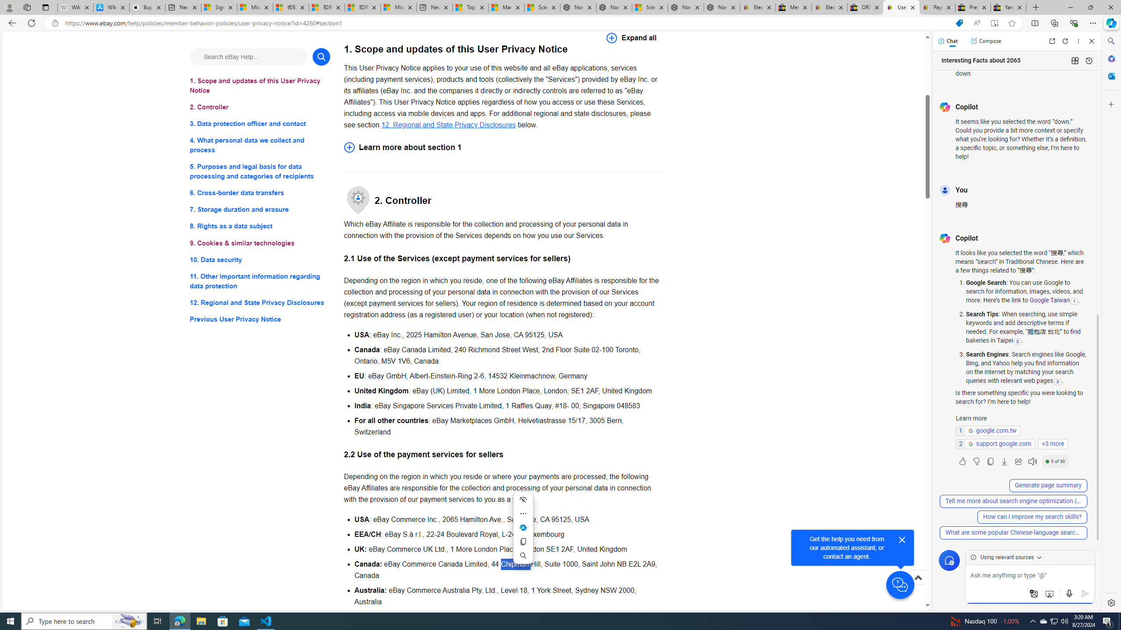 The height and width of the screenshot is (630, 1121). What do you see at coordinates (917, 586) in the screenshot?
I see `'Scroll to top'` at bounding box center [917, 586].